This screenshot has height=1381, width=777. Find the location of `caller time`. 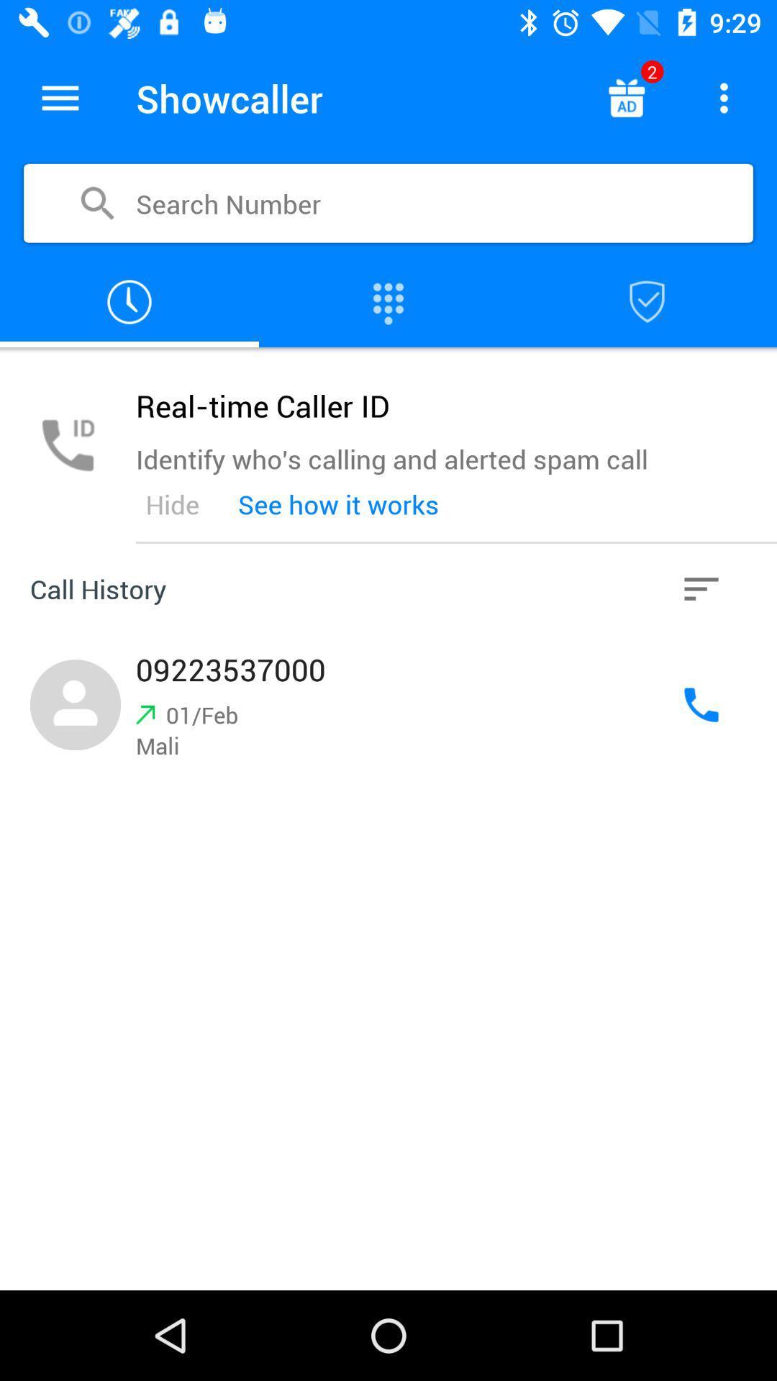

caller time is located at coordinates (129, 301).